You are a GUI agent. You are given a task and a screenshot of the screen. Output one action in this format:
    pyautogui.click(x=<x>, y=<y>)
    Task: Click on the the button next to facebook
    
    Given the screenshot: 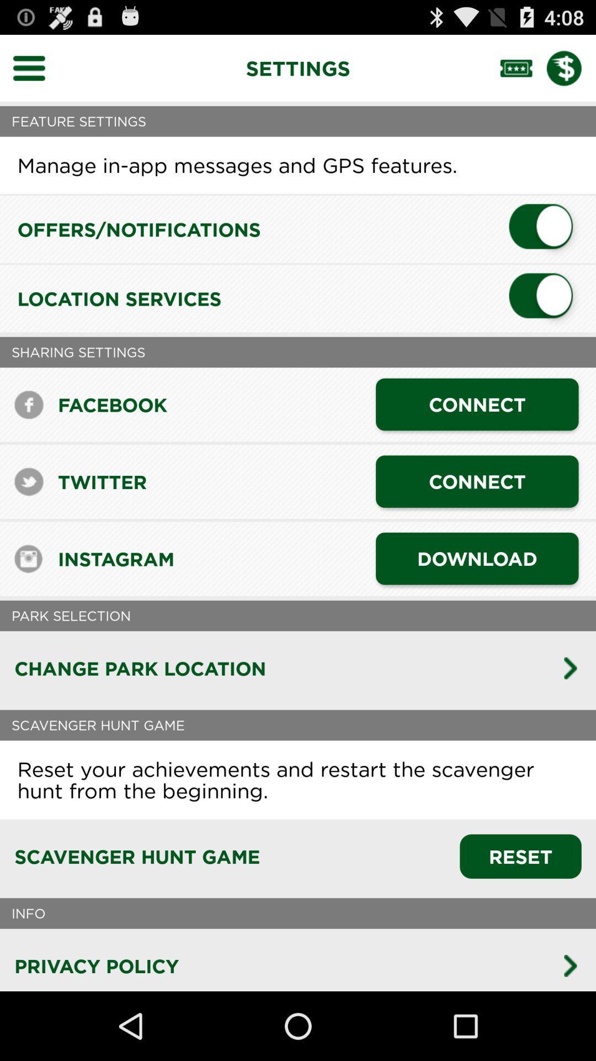 What is the action you would take?
    pyautogui.click(x=476, y=404)
    